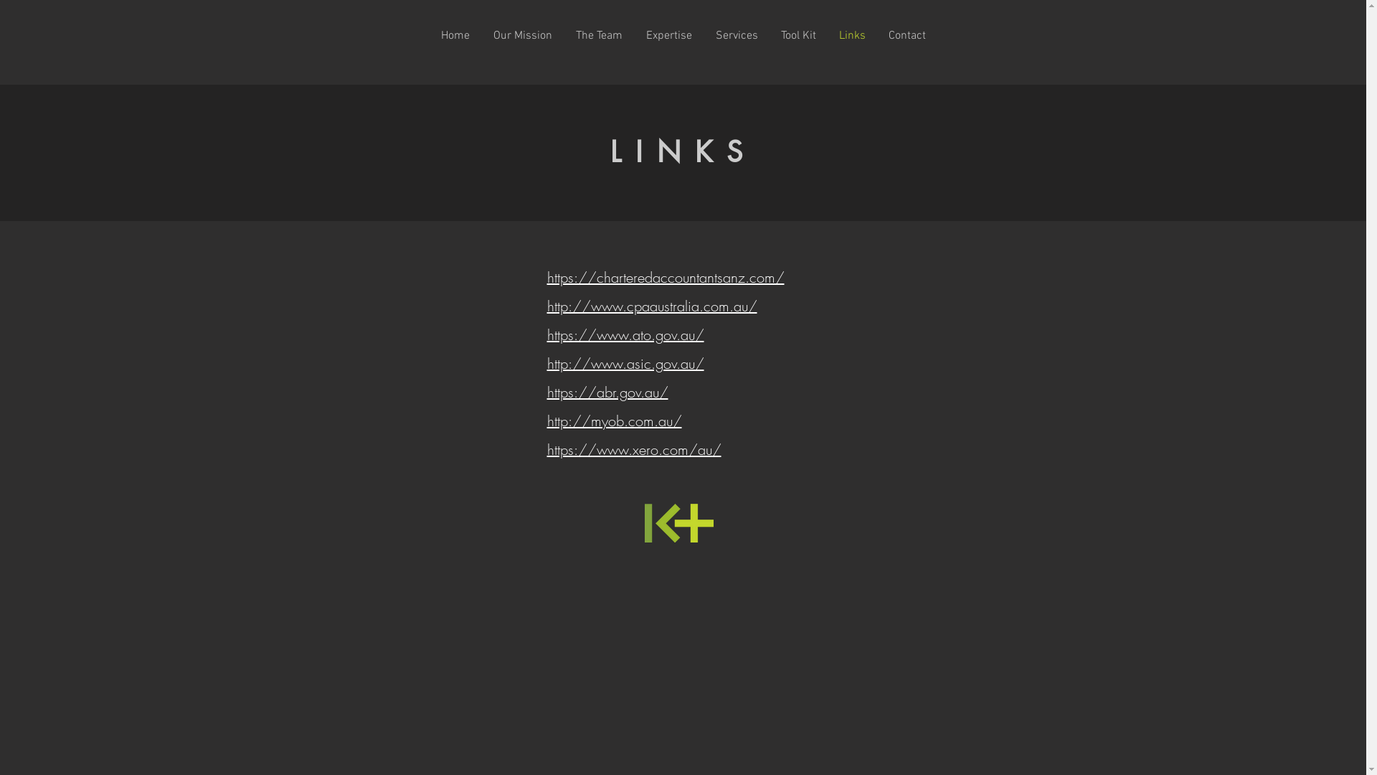 This screenshot has height=775, width=1377. I want to click on 'Contact', so click(905, 35).